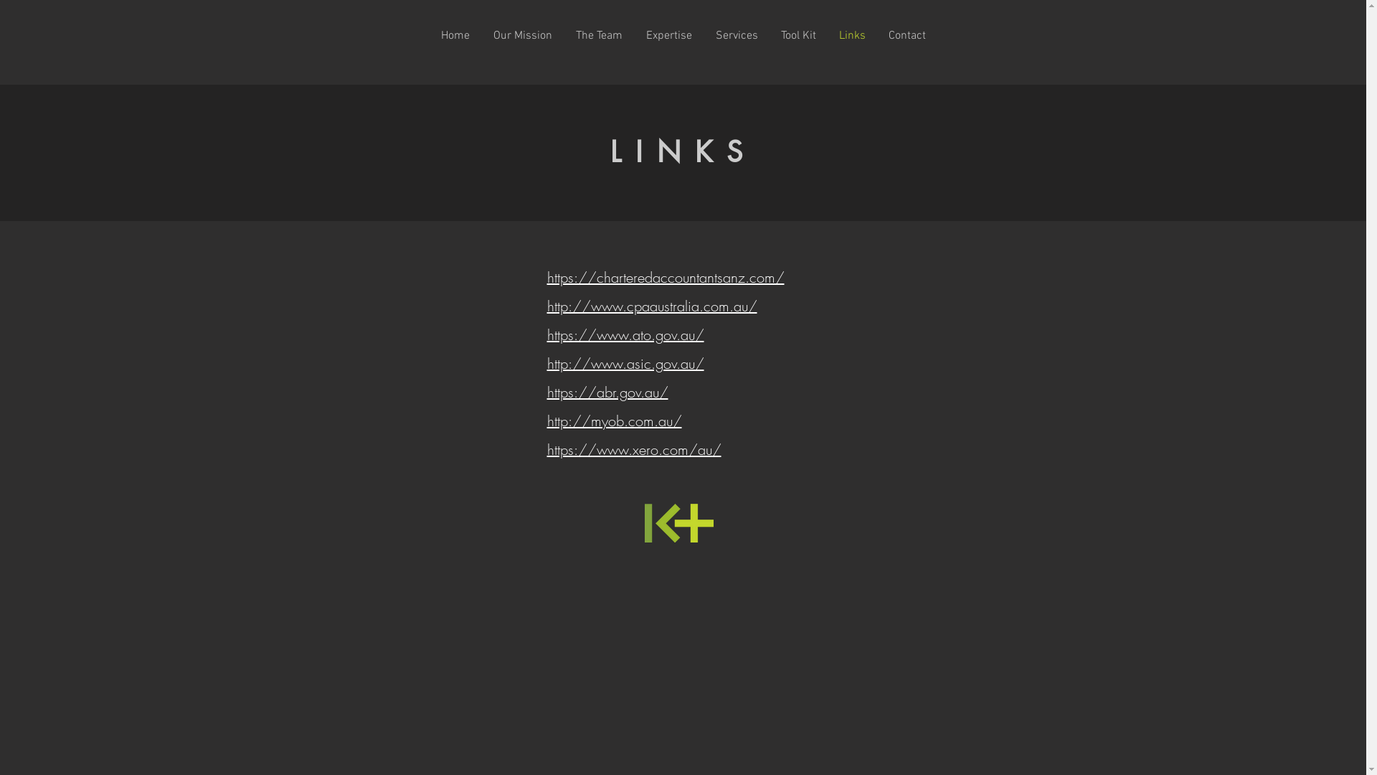 This screenshot has height=775, width=1377. I want to click on 'Contact', so click(905, 35).